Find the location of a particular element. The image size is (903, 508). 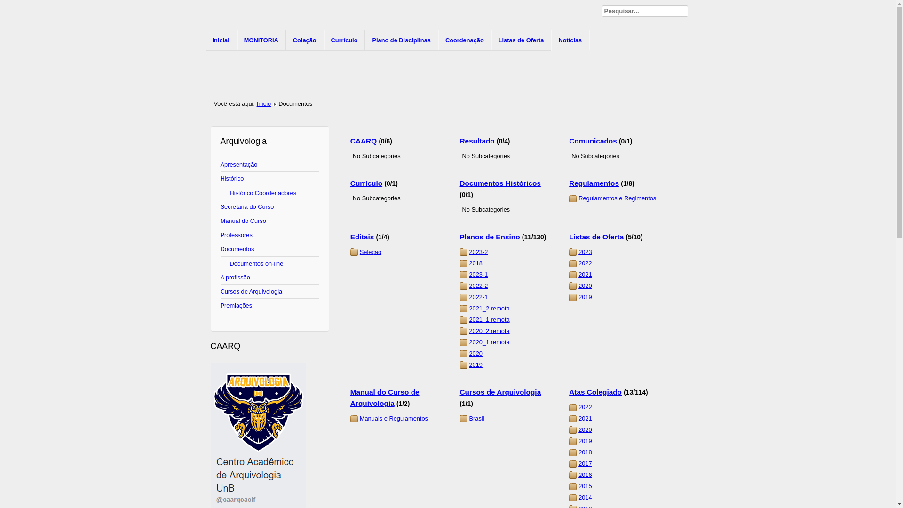

'Atas Colegiado' is located at coordinates (595, 392).